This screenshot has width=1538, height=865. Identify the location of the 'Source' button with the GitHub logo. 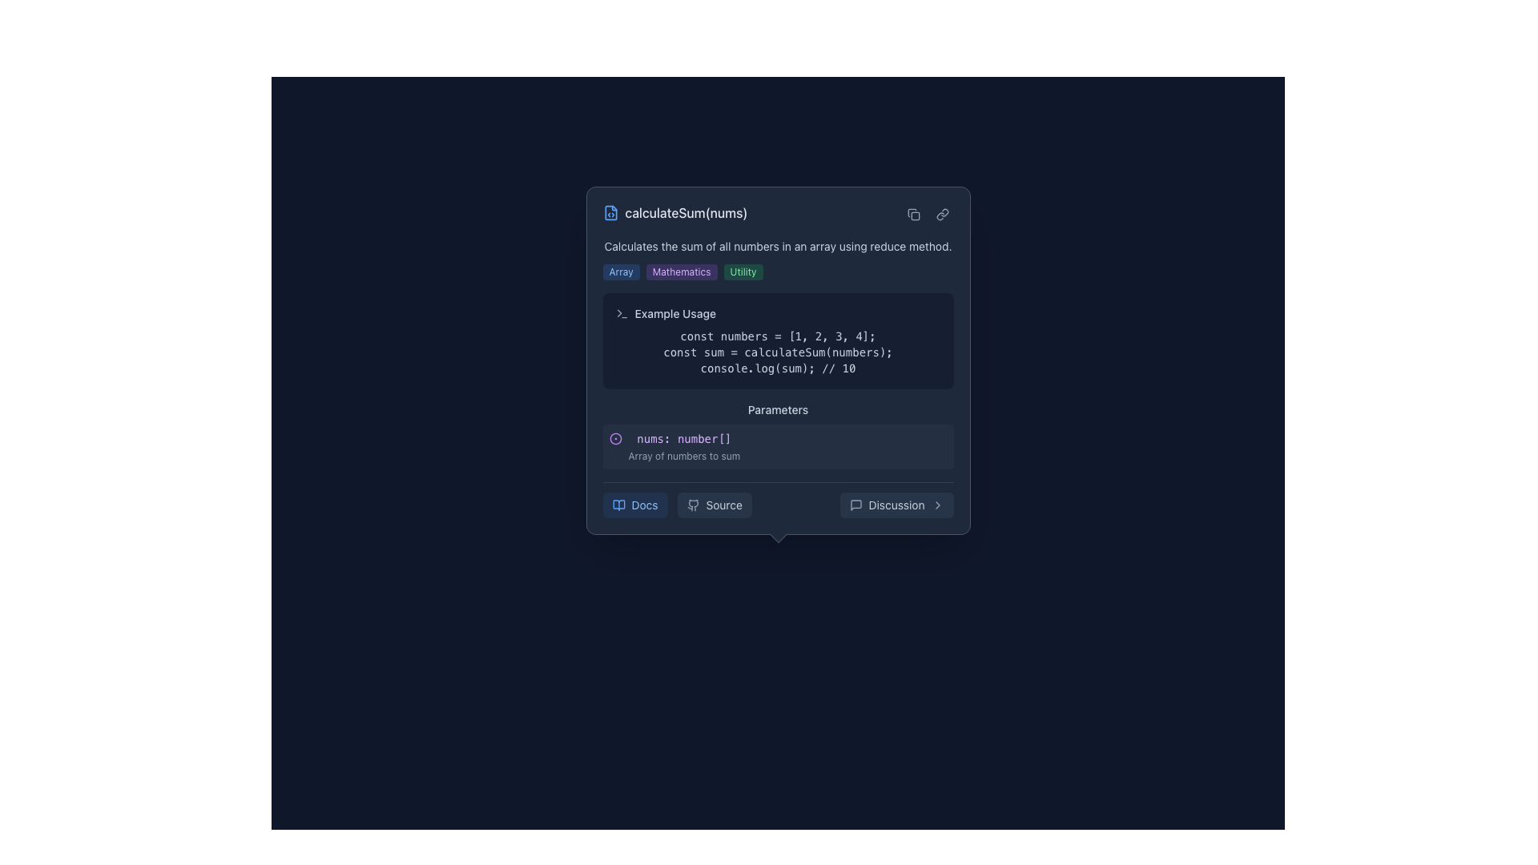
(778, 509).